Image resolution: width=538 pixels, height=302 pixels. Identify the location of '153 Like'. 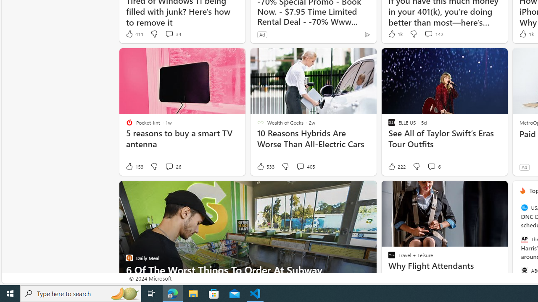
(134, 167).